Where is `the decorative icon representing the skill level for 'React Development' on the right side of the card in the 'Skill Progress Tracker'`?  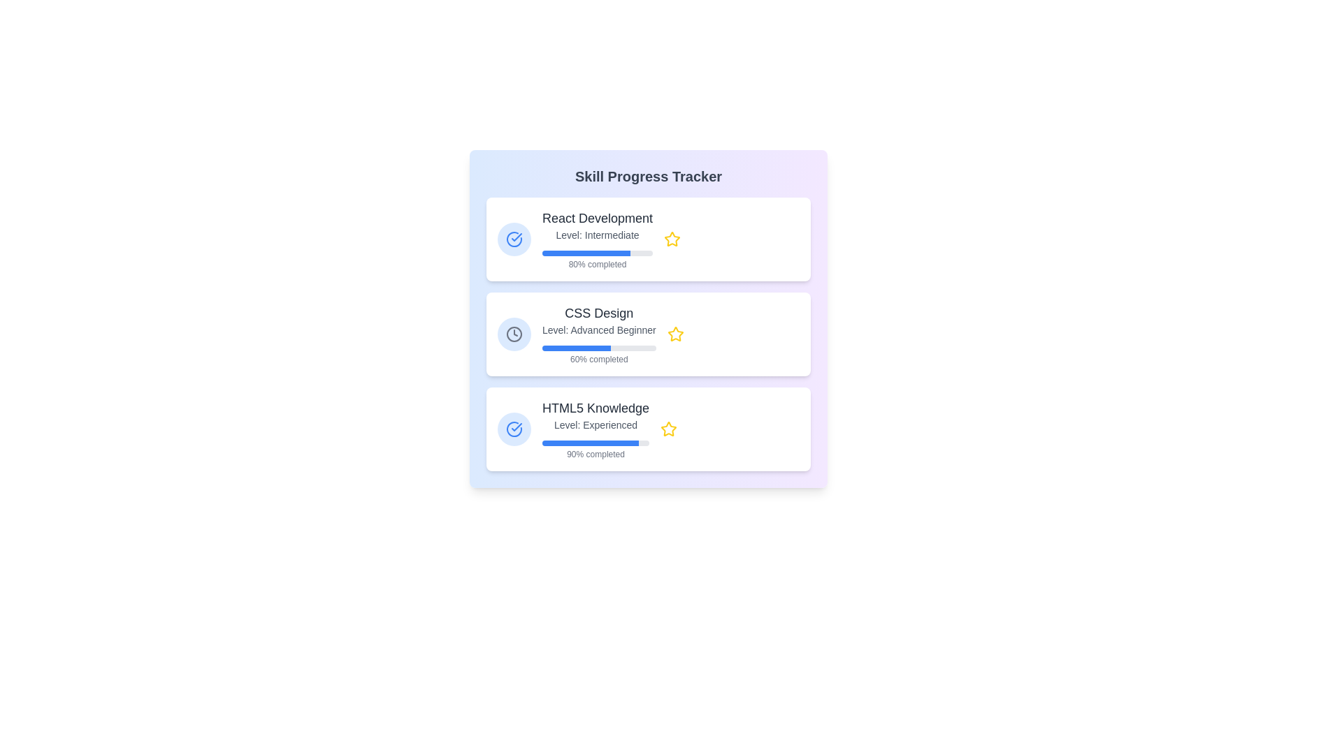
the decorative icon representing the skill level for 'React Development' on the right side of the card in the 'Skill Progress Tracker' is located at coordinates (672, 239).